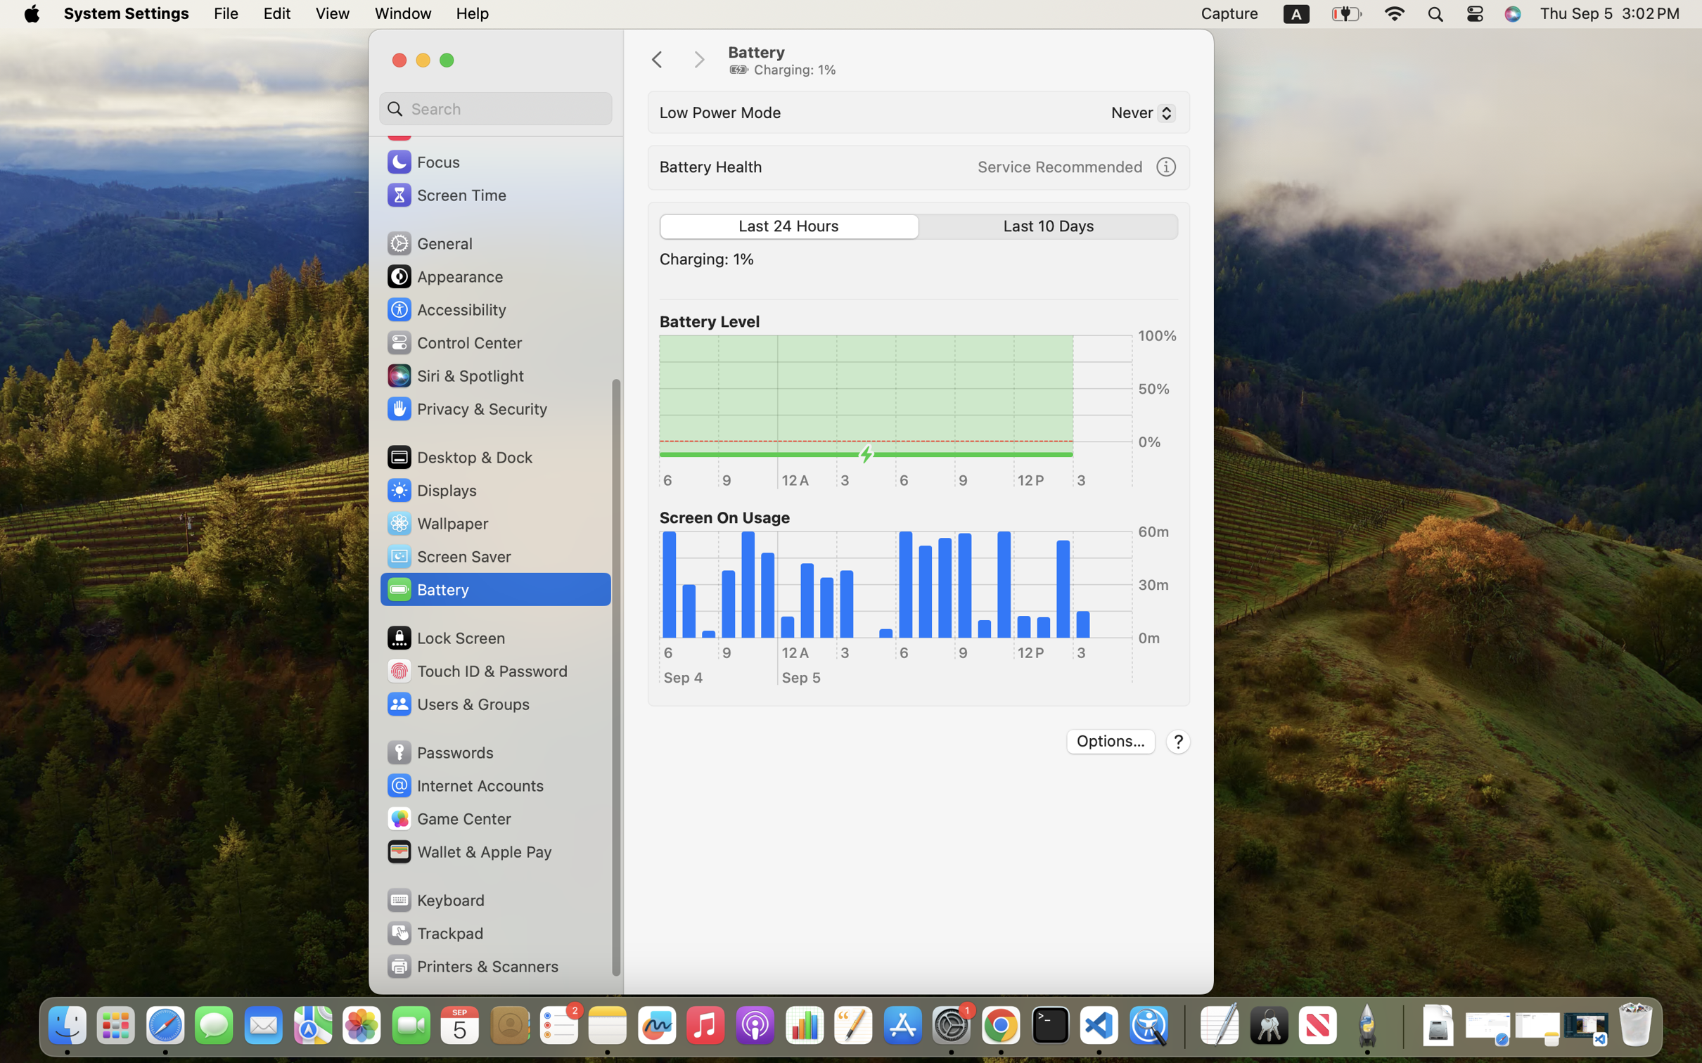 Image resolution: width=1702 pixels, height=1063 pixels. Describe the element at coordinates (431, 489) in the screenshot. I see `'Displays'` at that location.